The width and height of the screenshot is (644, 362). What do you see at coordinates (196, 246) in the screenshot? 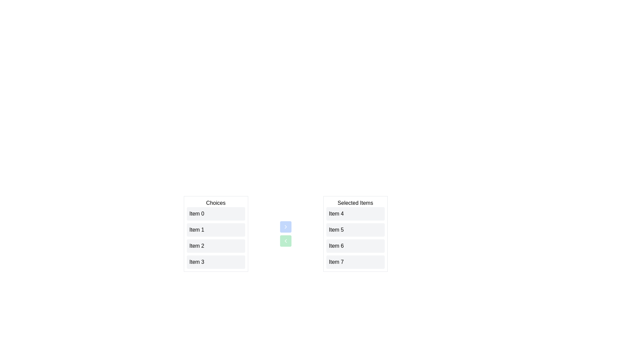
I see `the static text label displaying 'Item 2' in the third row of the vertical list labeled 'Choices'` at bounding box center [196, 246].